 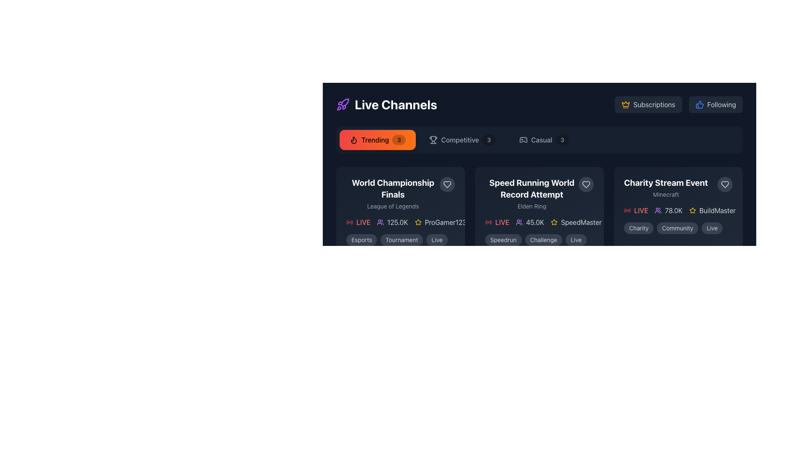 What do you see at coordinates (447, 184) in the screenshot?
I see `the circular button with a dark gray background and a heart-shaped icon, located in the upper-right corner of the 'World Championship Finals' card` at bounding box center [447, 184].